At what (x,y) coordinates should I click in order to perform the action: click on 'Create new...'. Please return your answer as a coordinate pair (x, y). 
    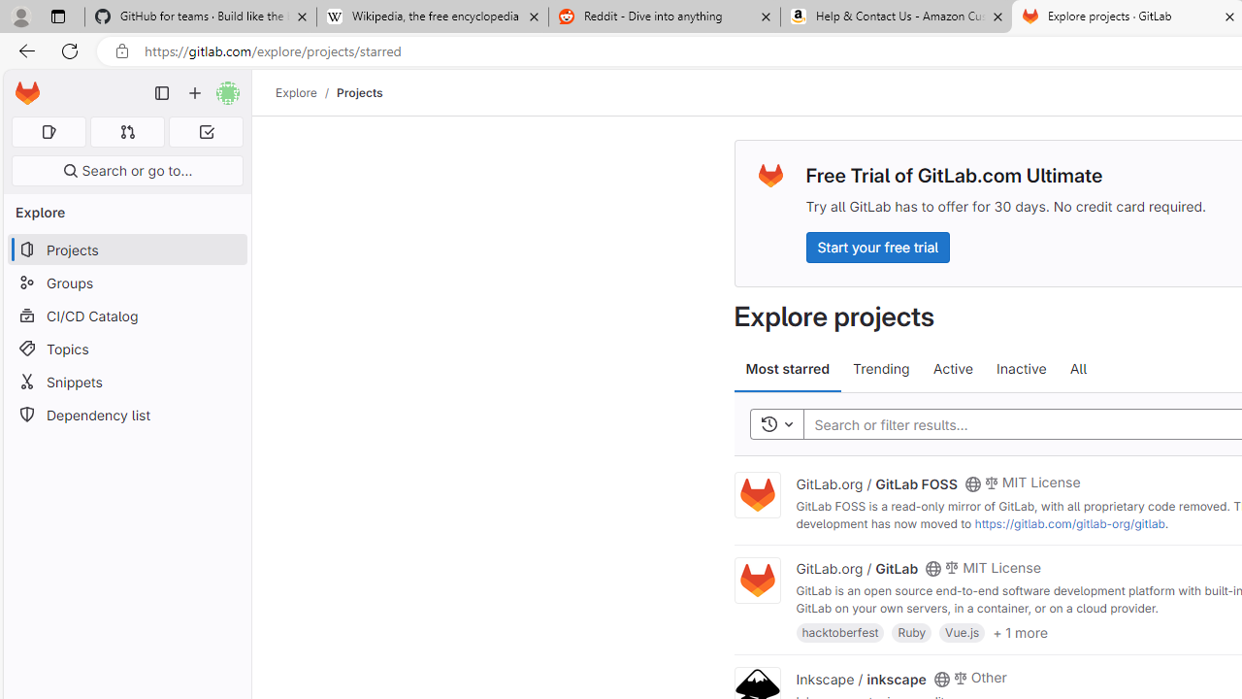
    Looking at the image, I should click on (195, 93).